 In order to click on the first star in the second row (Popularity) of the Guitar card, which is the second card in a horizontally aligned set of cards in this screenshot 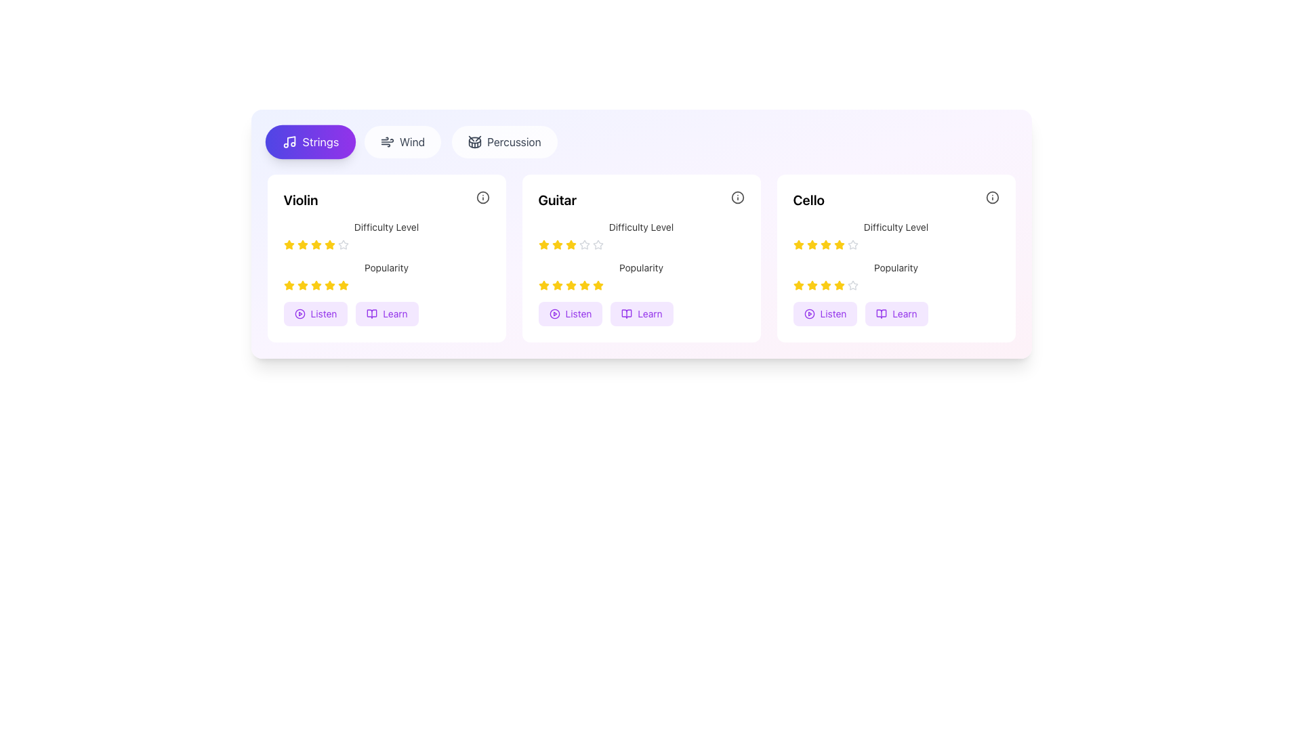, I will do `click(543, 284)`.